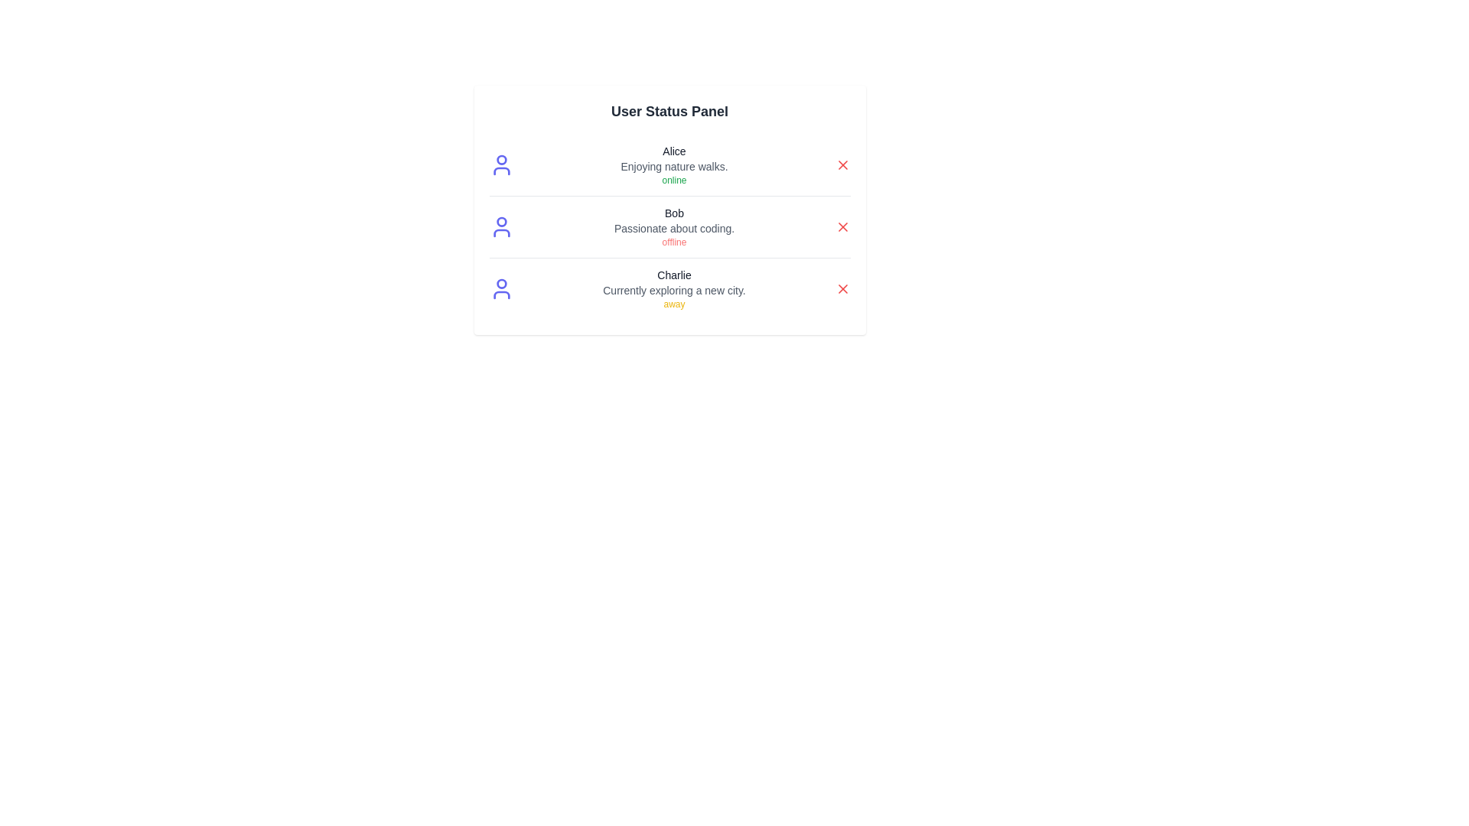 This screenshot has width=1469, height=826. I want to click on the interactive close or delete Icon Button for the 'Charlie' row in the user status panel to observe styling changes indicating interactivity, so click(842, 289).